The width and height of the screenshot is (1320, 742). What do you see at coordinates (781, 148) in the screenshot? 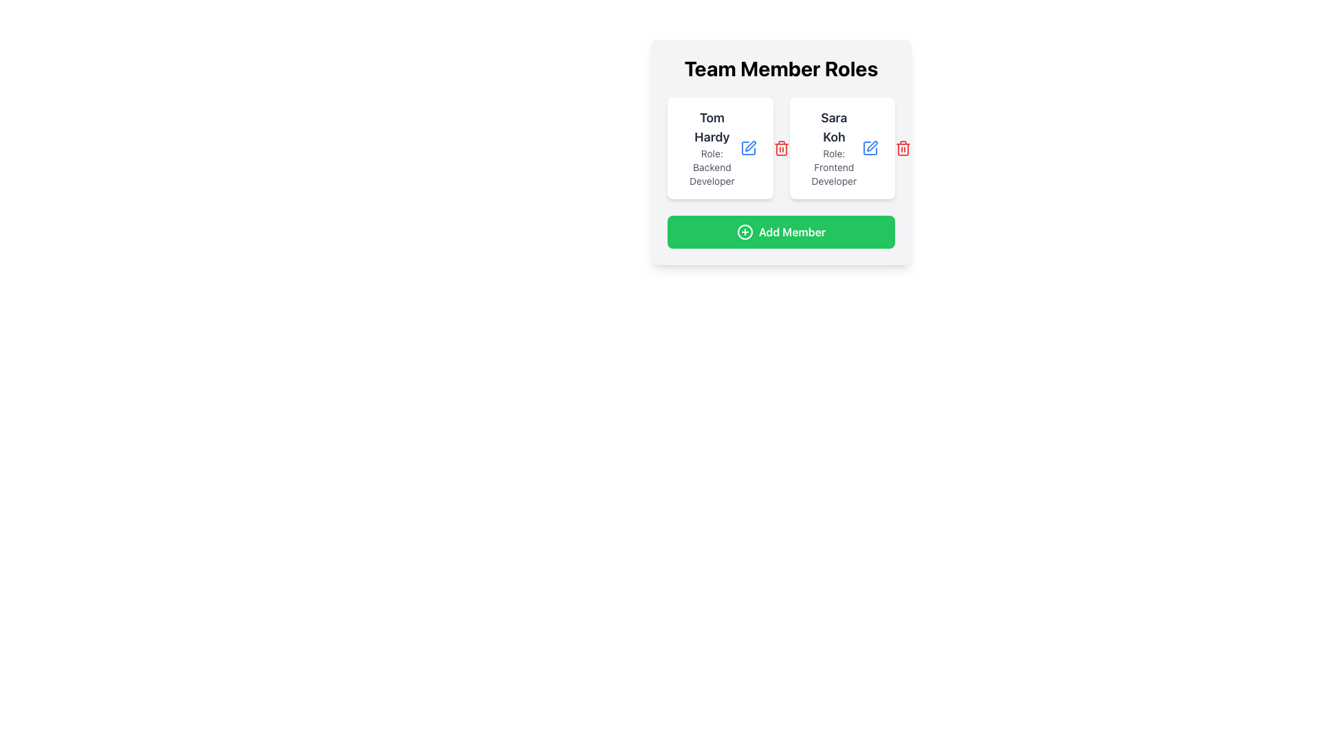
I see `the delete icon associated with Sara Koh's profile` at bounding box center [781, 148].